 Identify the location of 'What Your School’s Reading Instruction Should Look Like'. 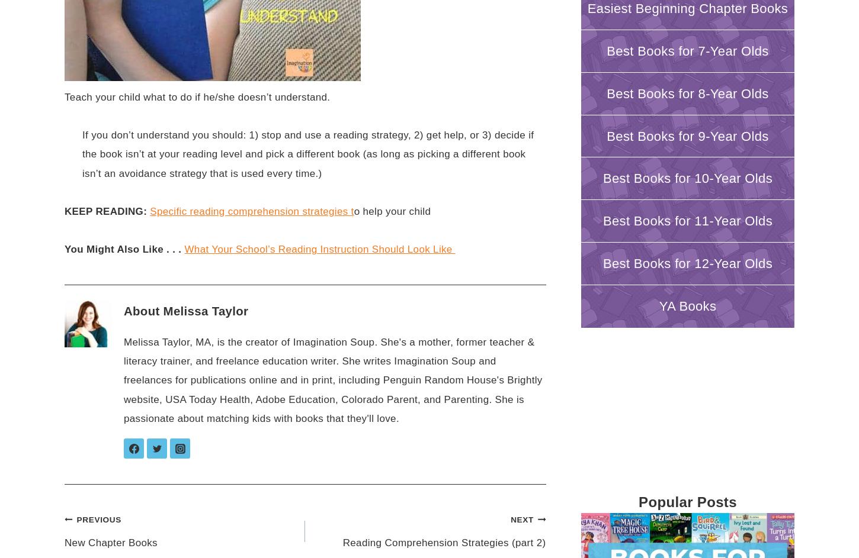
(184, 249).